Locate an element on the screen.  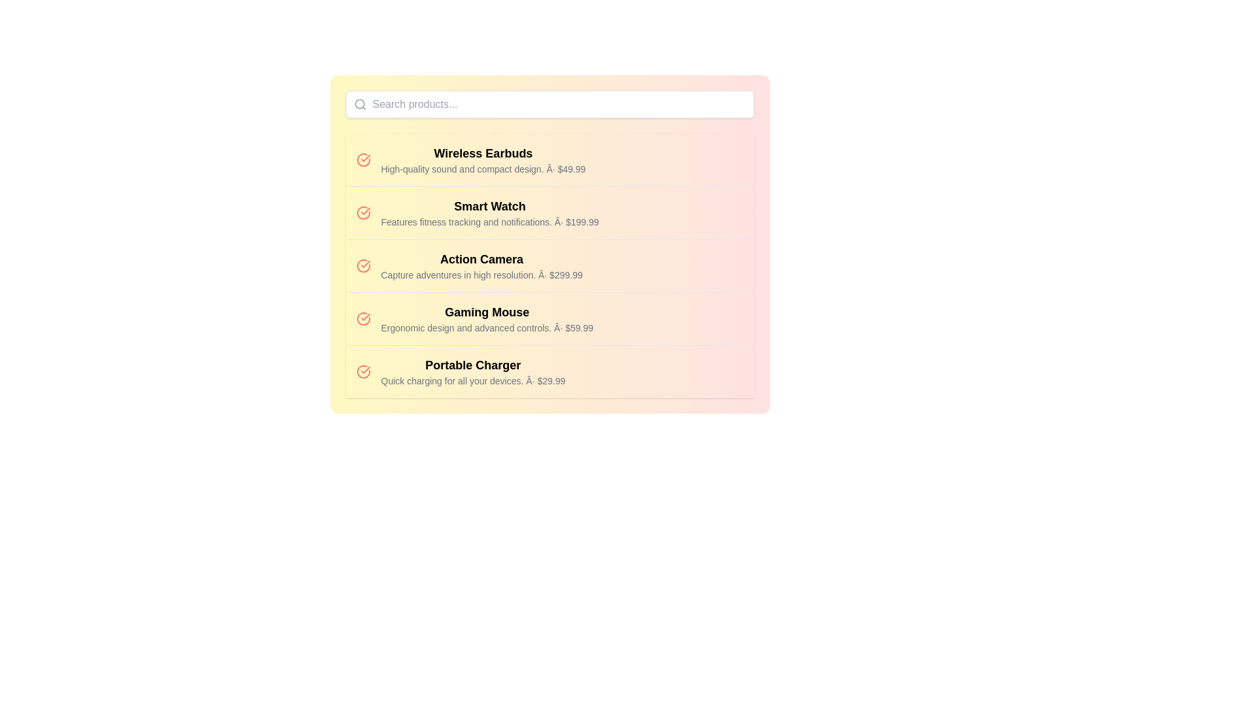
the product display widget for 'Action Camera' which features the title, subtitle, and price, positioned as the third item in a vertical list of products is located at coordinates (549, 265).